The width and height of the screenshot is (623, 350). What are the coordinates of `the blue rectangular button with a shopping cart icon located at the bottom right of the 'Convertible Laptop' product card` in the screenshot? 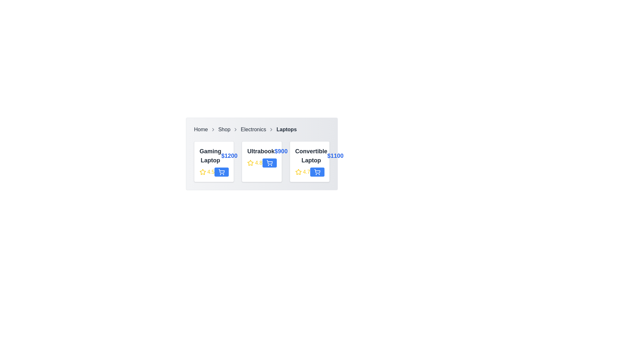 It's located at (317, 172).